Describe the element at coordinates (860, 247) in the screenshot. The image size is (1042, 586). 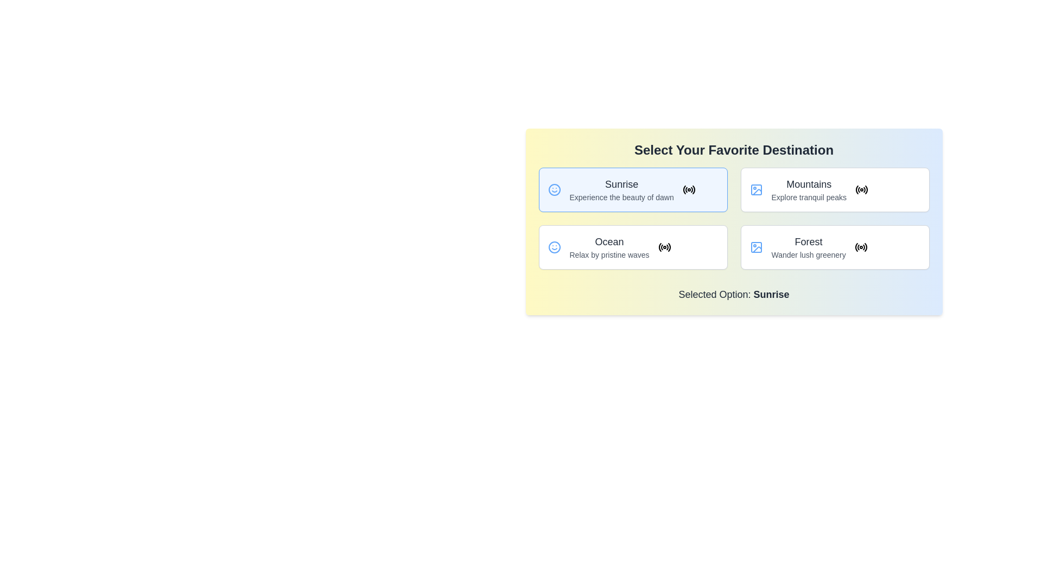
I see `the 'Forest' radio button, which is a minimalistic circular icon with a dot in the center located in the bottom-right quadrant of the selection group, to trigger a tooltip or visual effect` at that location.